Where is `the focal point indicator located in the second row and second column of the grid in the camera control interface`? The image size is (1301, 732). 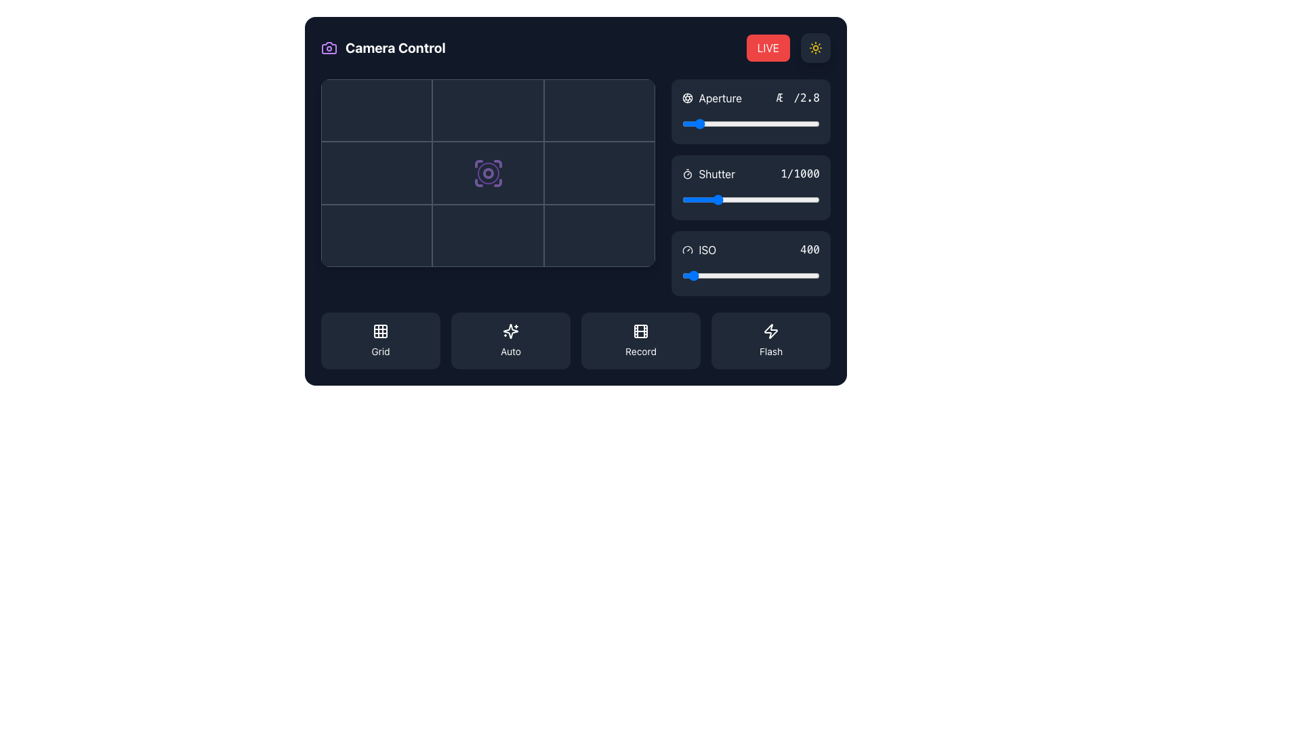
the focal point indicator located in the second row and second column of the grid in the camera control interface is located at coordinates (488, 172).